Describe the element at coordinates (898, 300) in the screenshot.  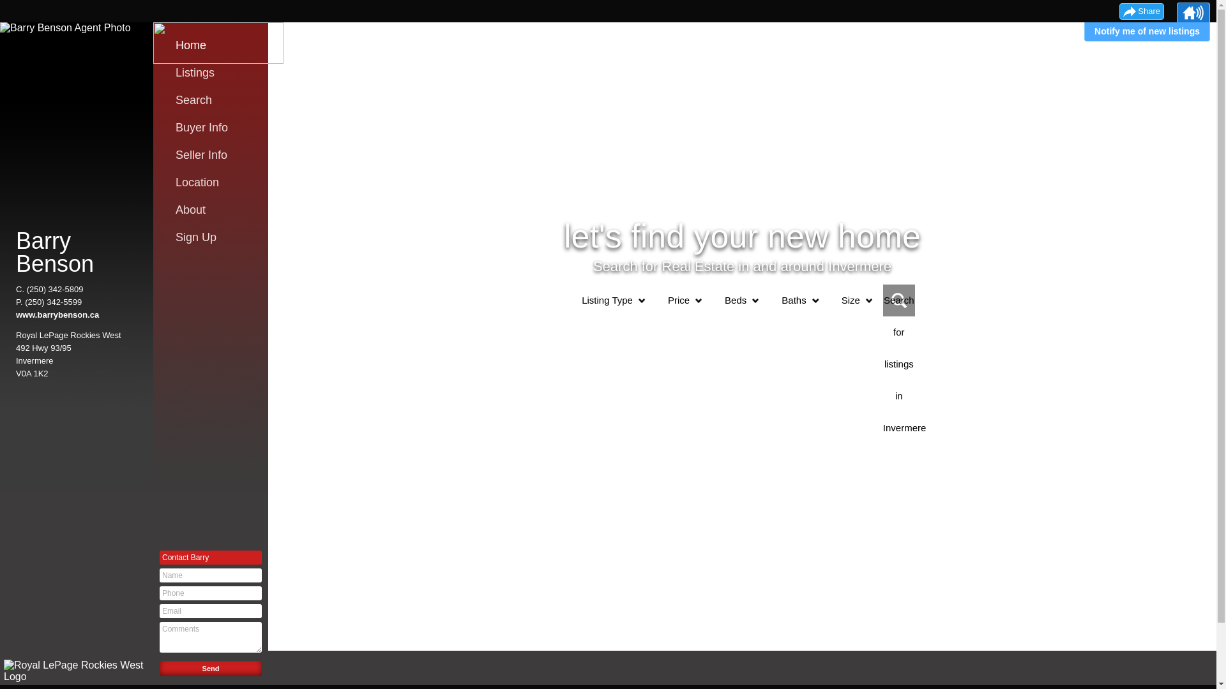
I see `'Search for listings in Invermere'` at that location.